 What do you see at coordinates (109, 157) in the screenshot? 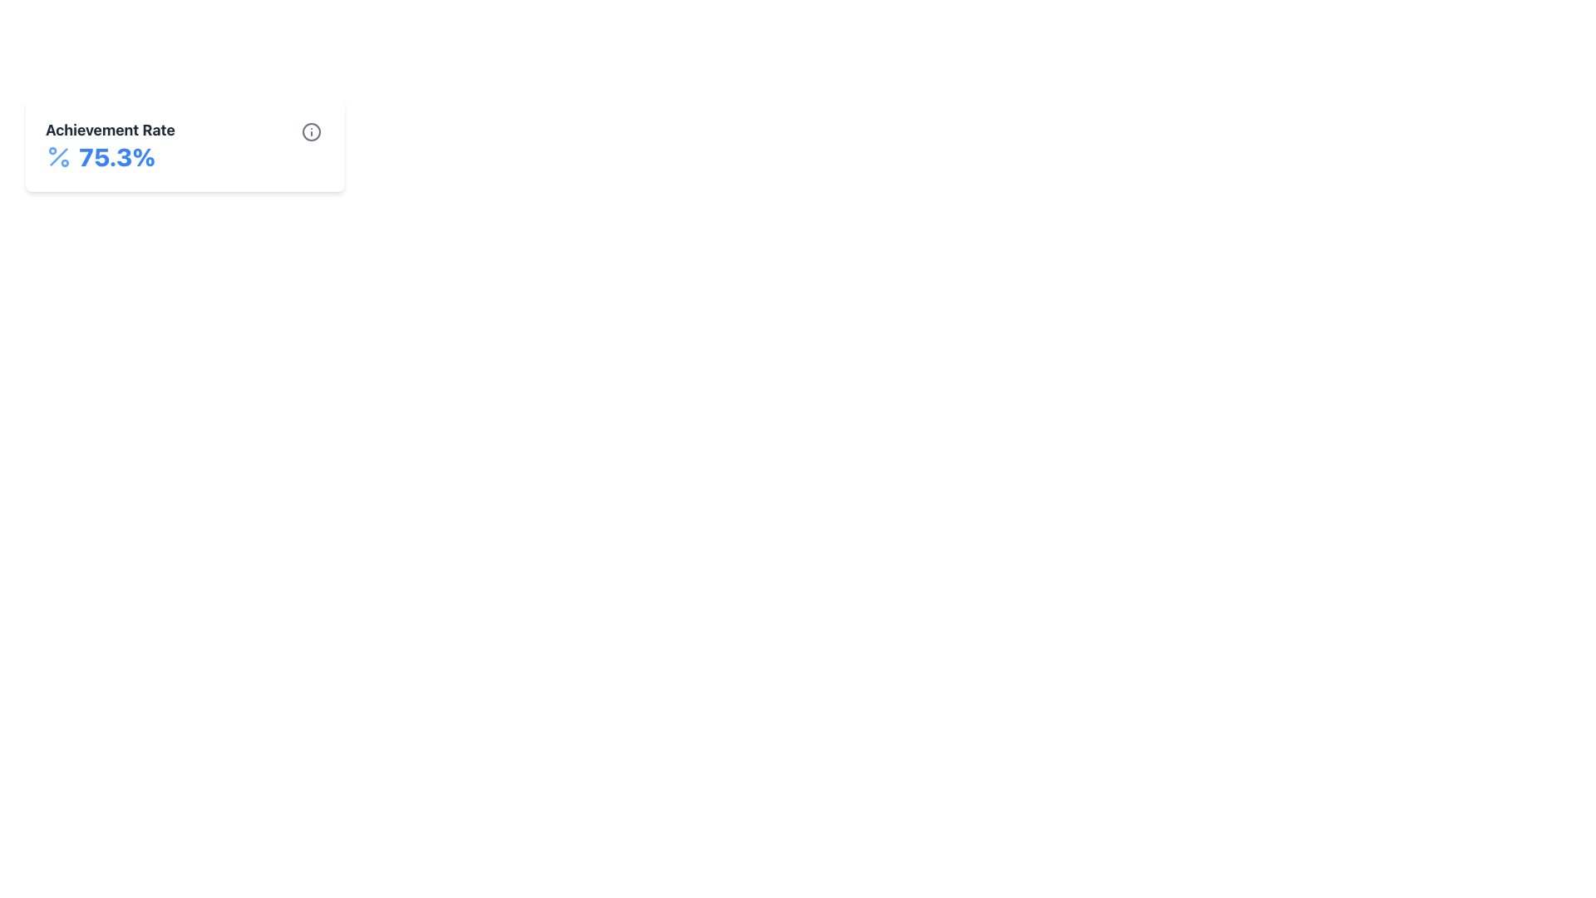
I see `value of the percentage text element that visually represents the achievement rate, located below the 'Achievement Rate' text and above minor graphical elements` at bounding box center [109, 157].